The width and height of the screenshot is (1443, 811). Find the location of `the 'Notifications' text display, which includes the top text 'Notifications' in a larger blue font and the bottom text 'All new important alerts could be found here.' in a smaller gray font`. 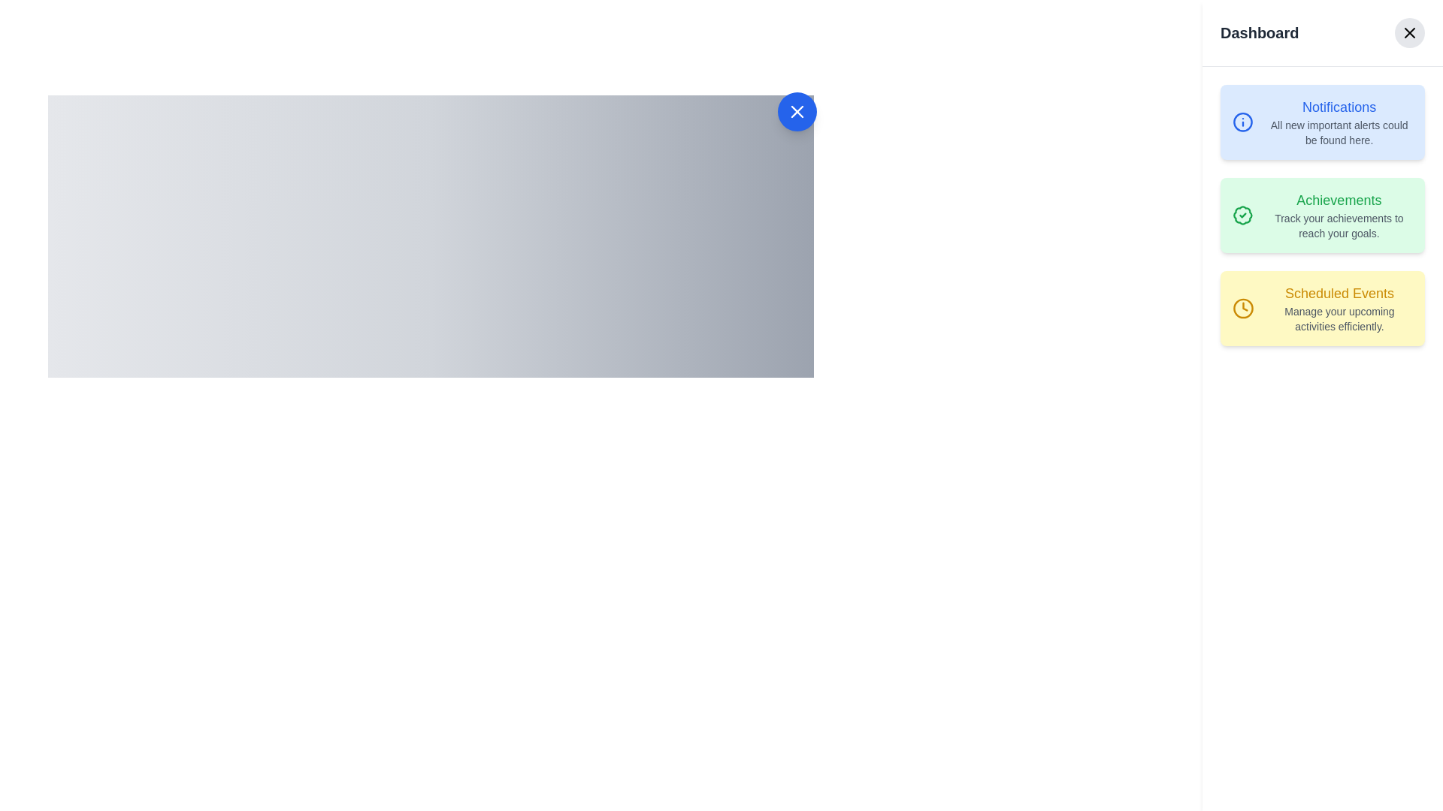

the 'Notifications' text display, which includes the top text 'Notifications' in a larger blue font and the bottom text 'All new important alerts could be found here.' in a smaller gray font is located at coordinates (1339, 121).